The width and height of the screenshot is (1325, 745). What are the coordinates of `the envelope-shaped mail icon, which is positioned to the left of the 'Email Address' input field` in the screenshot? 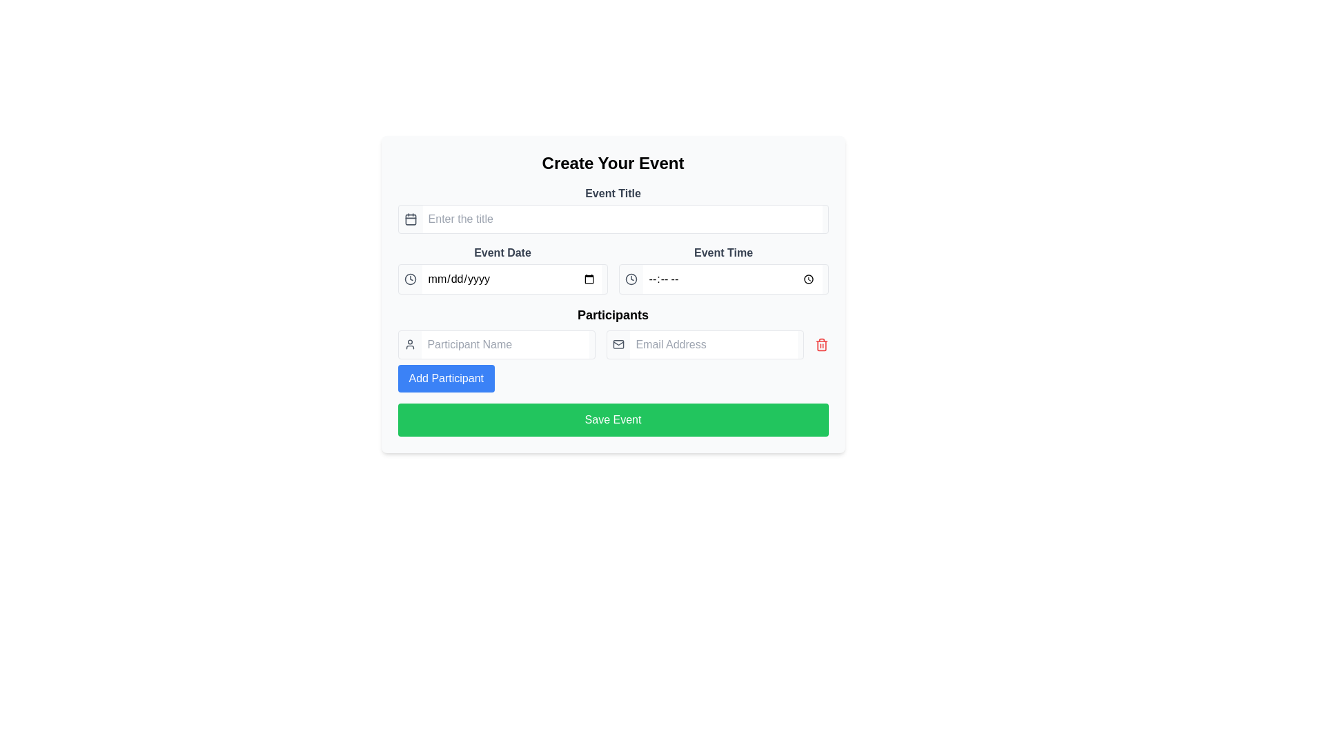 It's located at (618, 344).